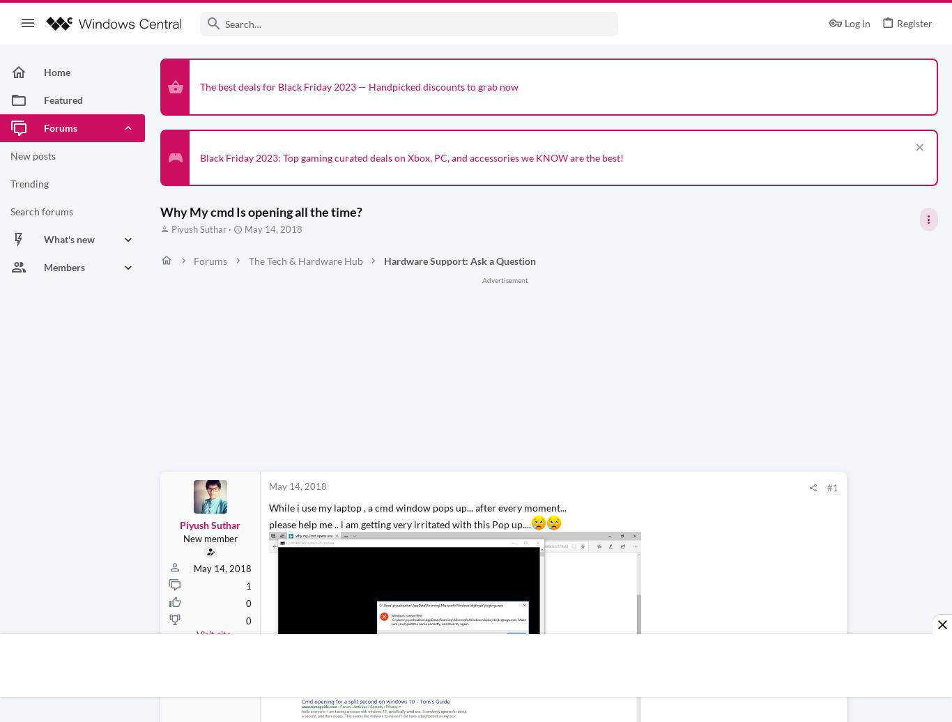  I want to click on 'Home', so click(43, 72).